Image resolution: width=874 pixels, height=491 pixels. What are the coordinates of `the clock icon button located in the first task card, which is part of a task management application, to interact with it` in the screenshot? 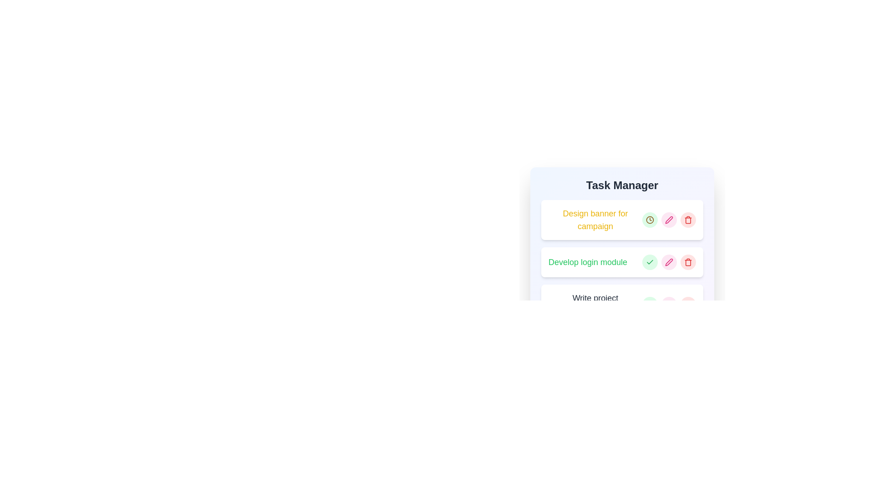 It's located at (650, 220).